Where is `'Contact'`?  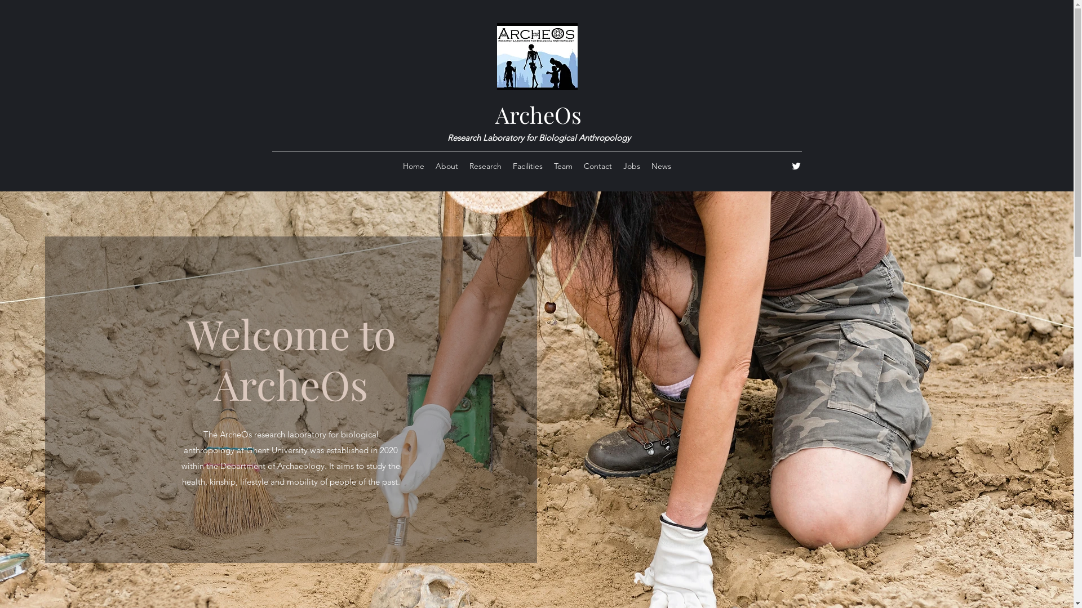
'Contact' is located at coordinates (597, 166).